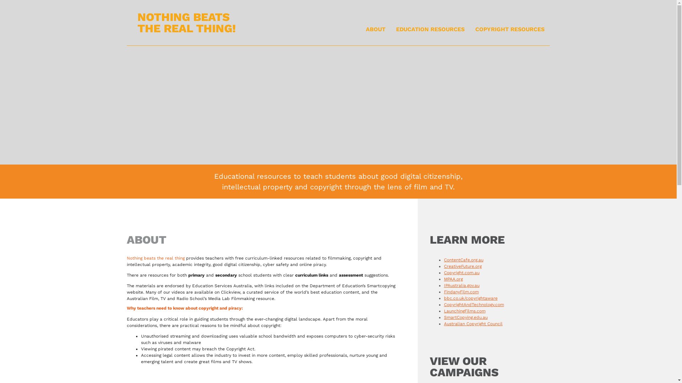 The width and height of the screenshot is (682, 383). Describe the element at coordinates (462, 285) in the screenshot. I see `'IPAustralia.gov.au'` at that location.